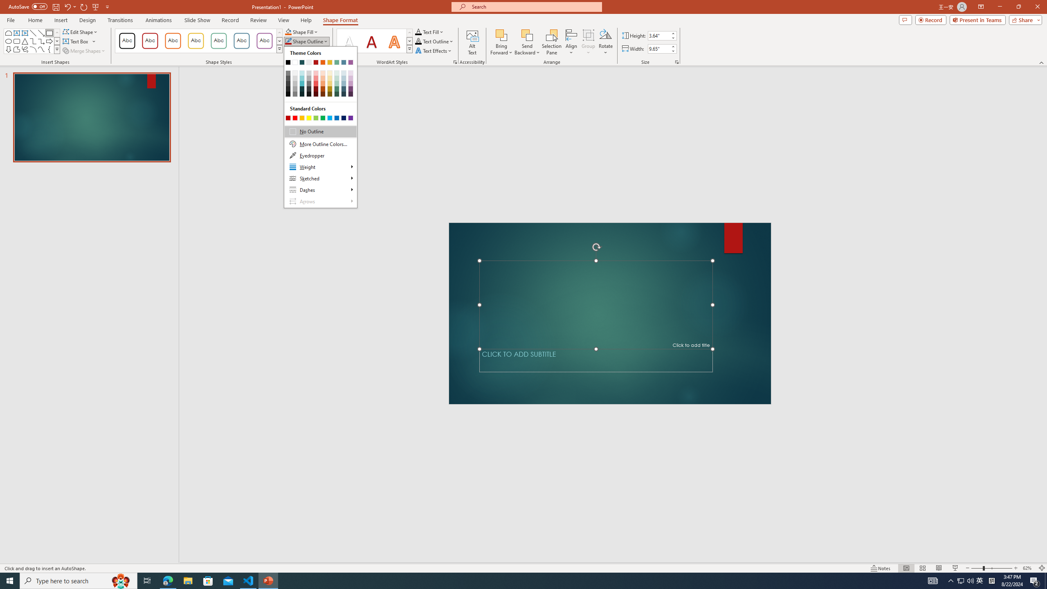  What do you see at coordinates (85, 50) in the screenshot?
I see `'Merge Shapes'` at bounding box center [85, 50].